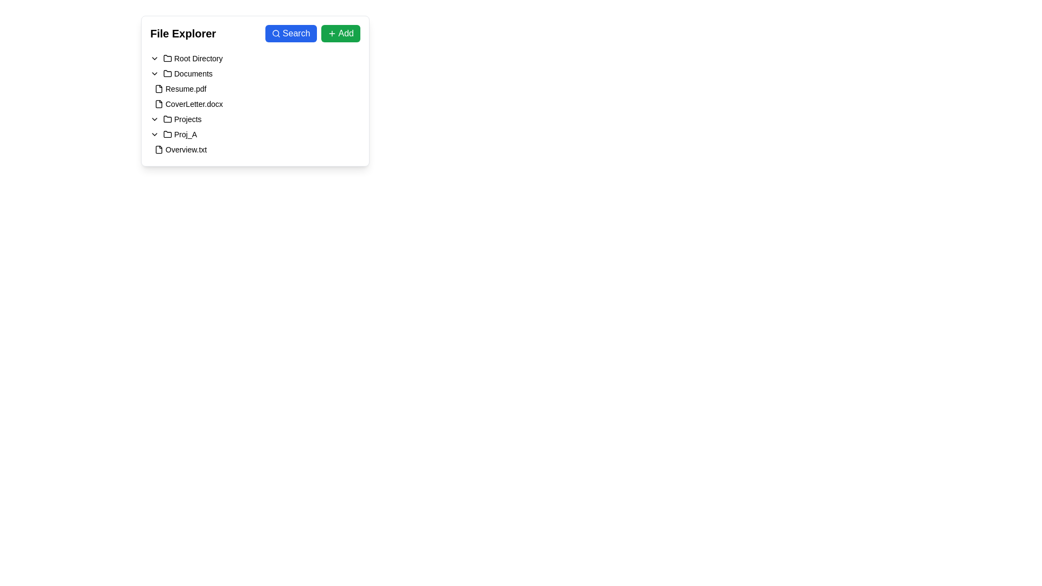  I want to click on the file icon representing 'CoverLetter.docx' in the file explorer interface, so click(158, 104).